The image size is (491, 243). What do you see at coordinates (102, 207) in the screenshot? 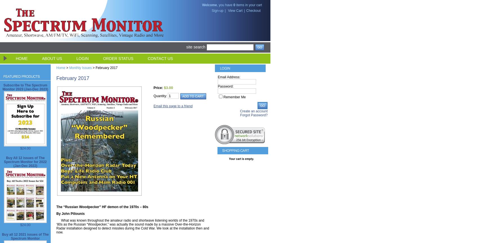
I see `'The “Russian Woodpecker” HF demon
of the 1970s – 80s'` at bounding box center [102, 207].